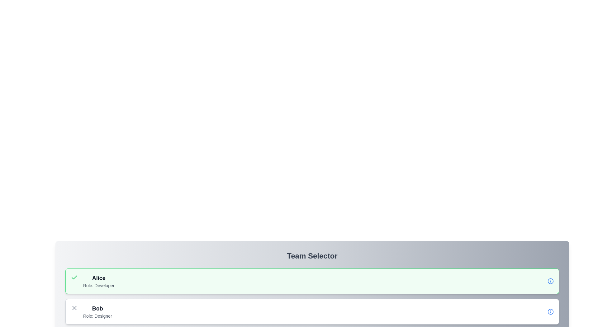  I want to click on the small circular blue information icon with an 'i' symbol inside, located at the far right of the card for 'Bob - Role: Designer', so click(550, 312).